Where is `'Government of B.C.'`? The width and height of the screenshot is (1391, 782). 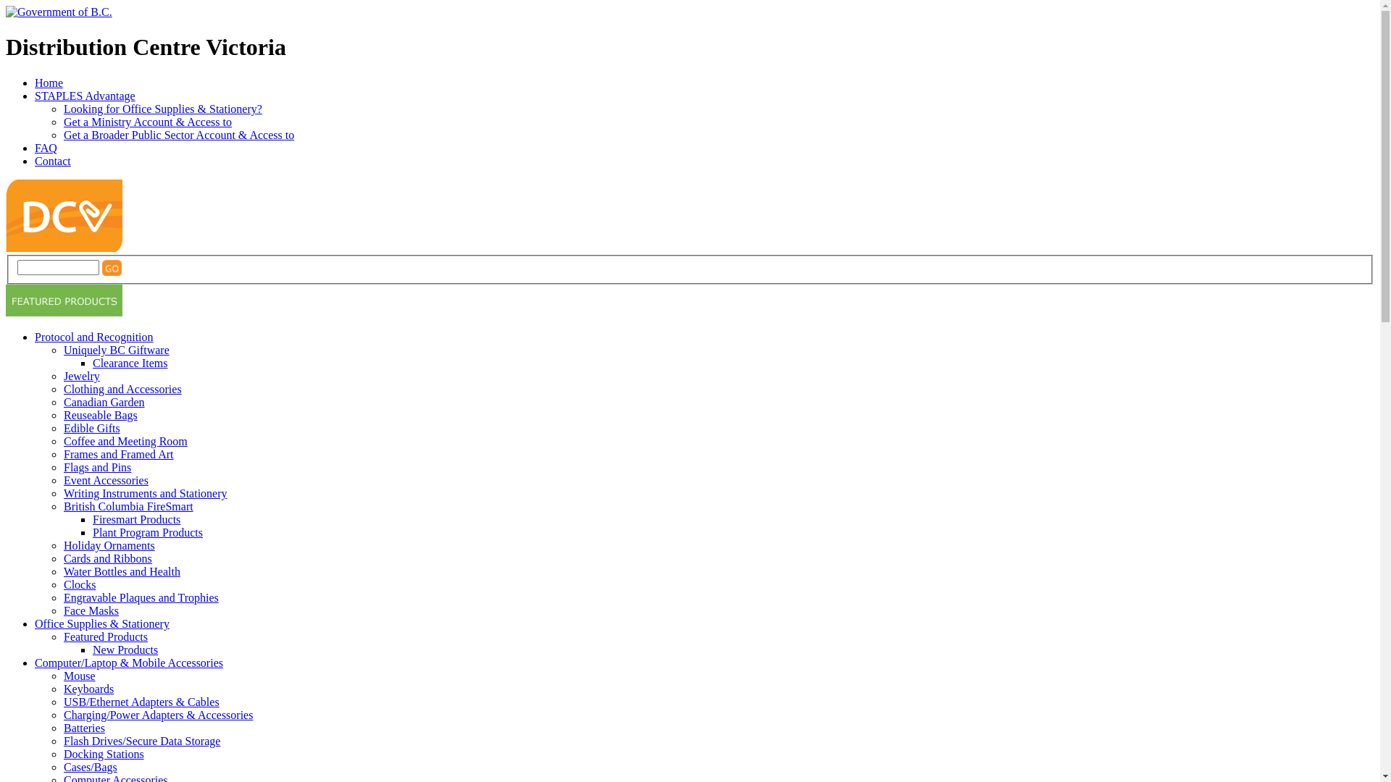
'Government of B.C.' is located at coordinates (58, 12).